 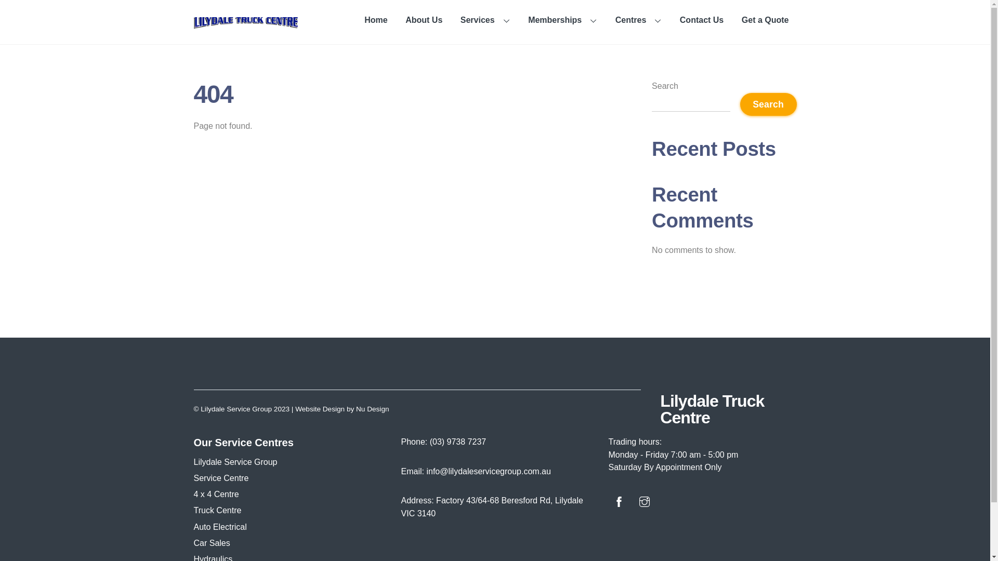 What do you see at coordinates (319, 408) in the screenshot?
I see `'Website Design'` at bounding box center [319, 408].